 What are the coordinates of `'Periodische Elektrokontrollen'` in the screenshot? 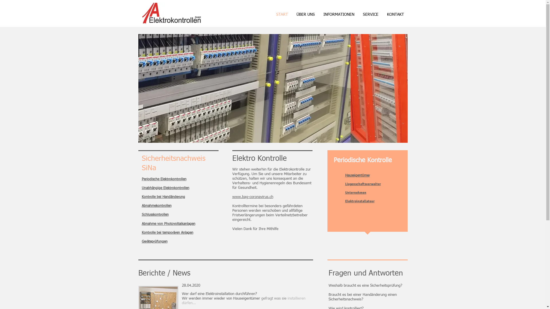 It's located at (163, 179).